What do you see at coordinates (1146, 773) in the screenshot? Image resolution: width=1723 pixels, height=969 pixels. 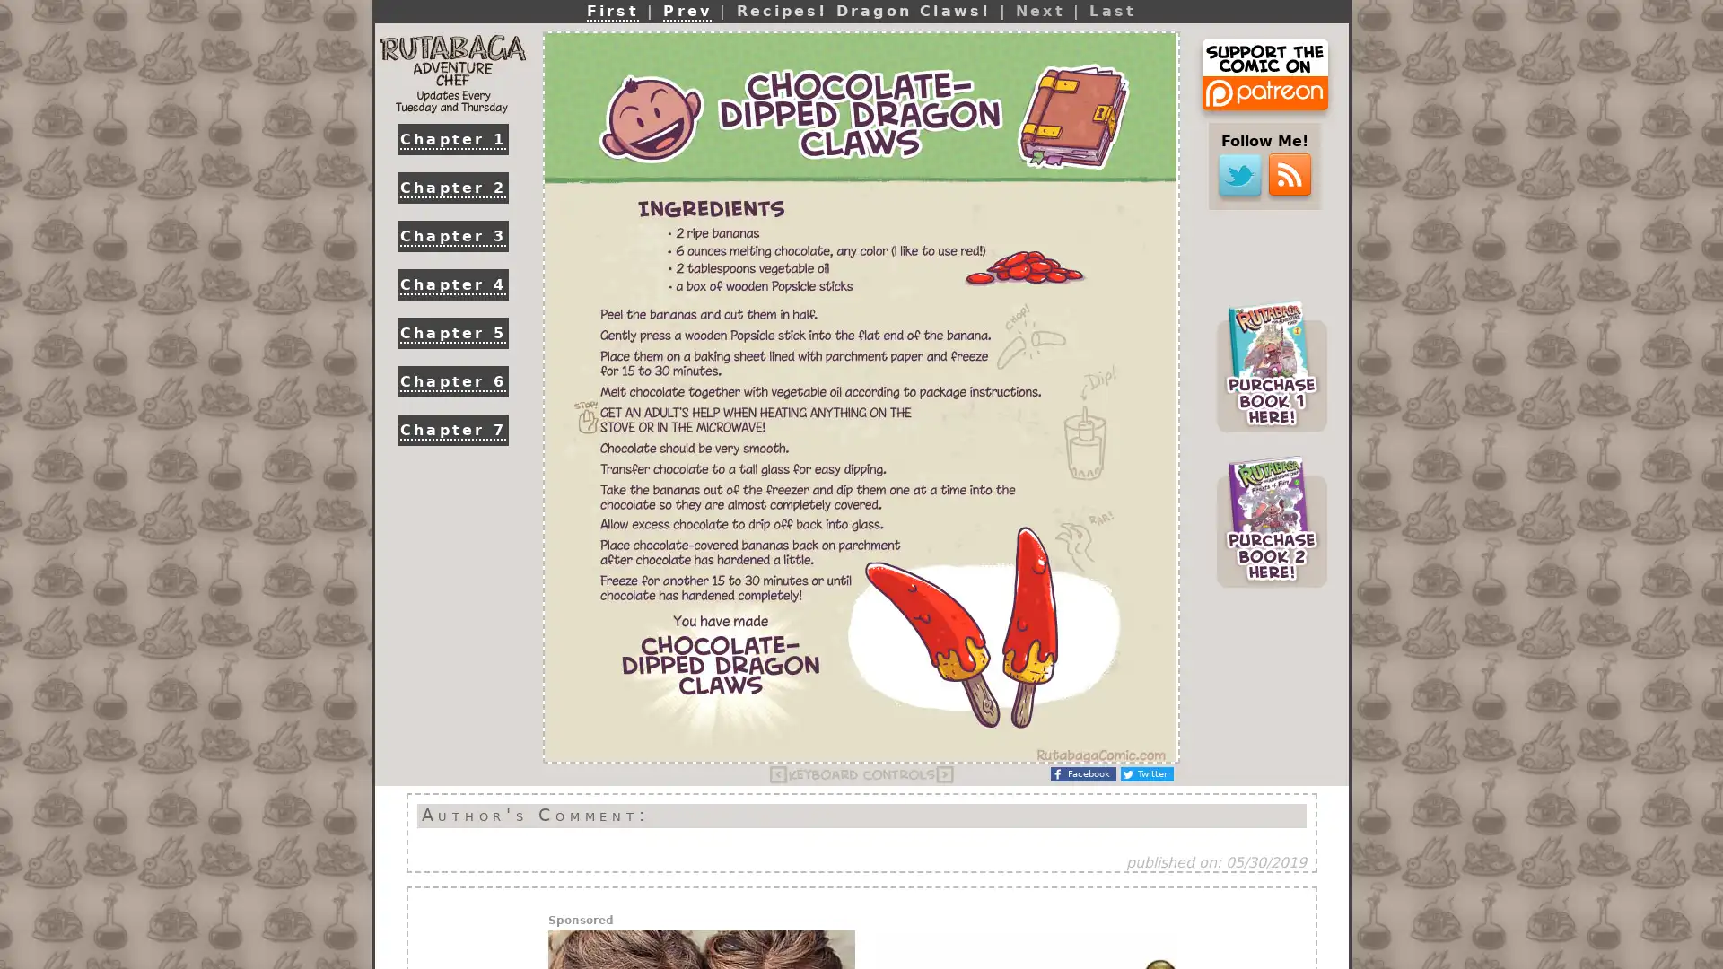 I see `Share to TwitterTwitter` at bounding box center [1146, 773].